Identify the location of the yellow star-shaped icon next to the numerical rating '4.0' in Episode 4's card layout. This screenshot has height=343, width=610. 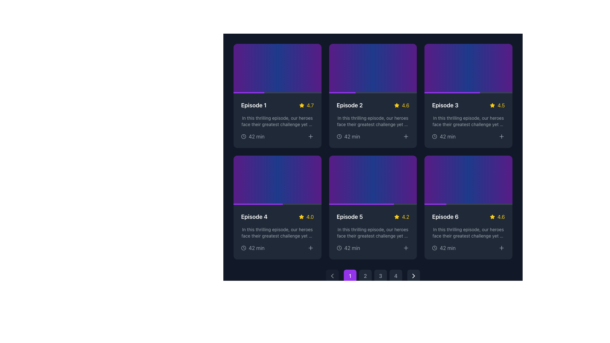
(301, 216).